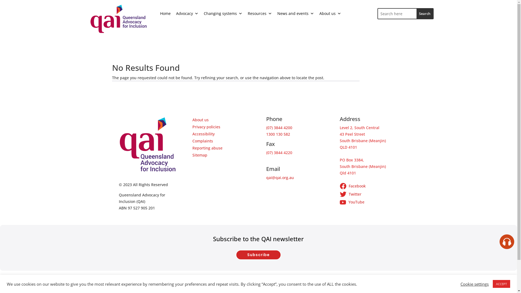  What do you see at coordinates (424, 13) in the screenshot?
I see `'Search'` at bounding box center [424, 13].